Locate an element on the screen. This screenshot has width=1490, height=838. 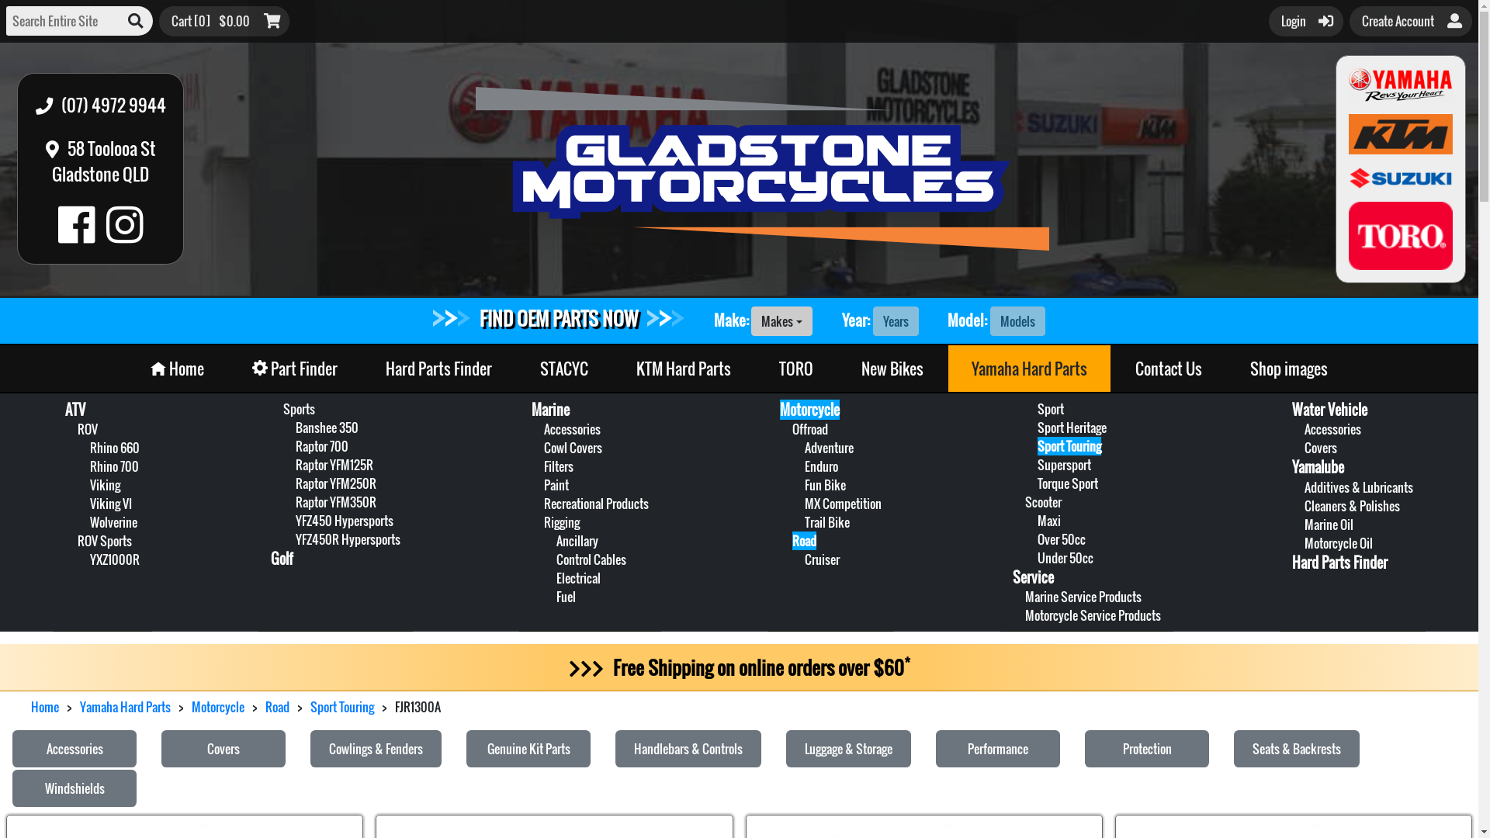
'YFZ450R Hypersports' is located at coordinates (347, 538).